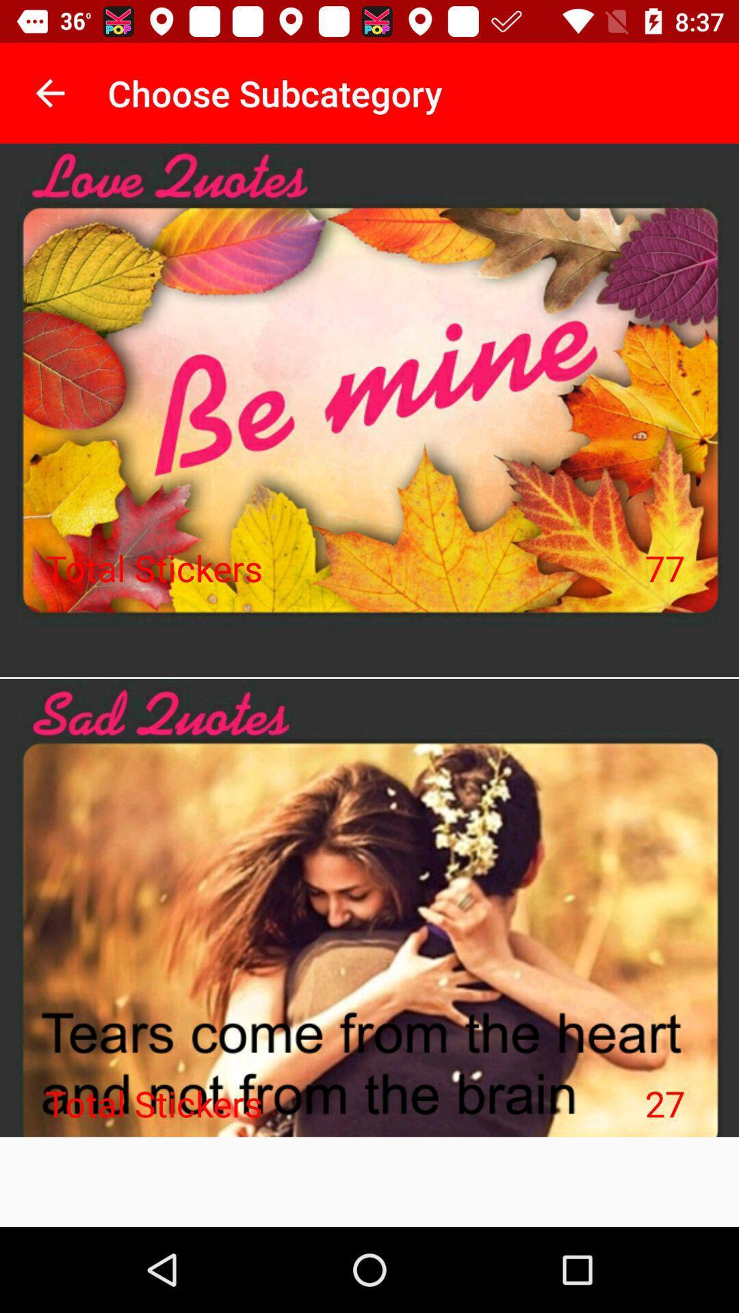 The width and height of the screenshot is (739, 1313). I want to click on icon at the top left corner, so click(49, 92).